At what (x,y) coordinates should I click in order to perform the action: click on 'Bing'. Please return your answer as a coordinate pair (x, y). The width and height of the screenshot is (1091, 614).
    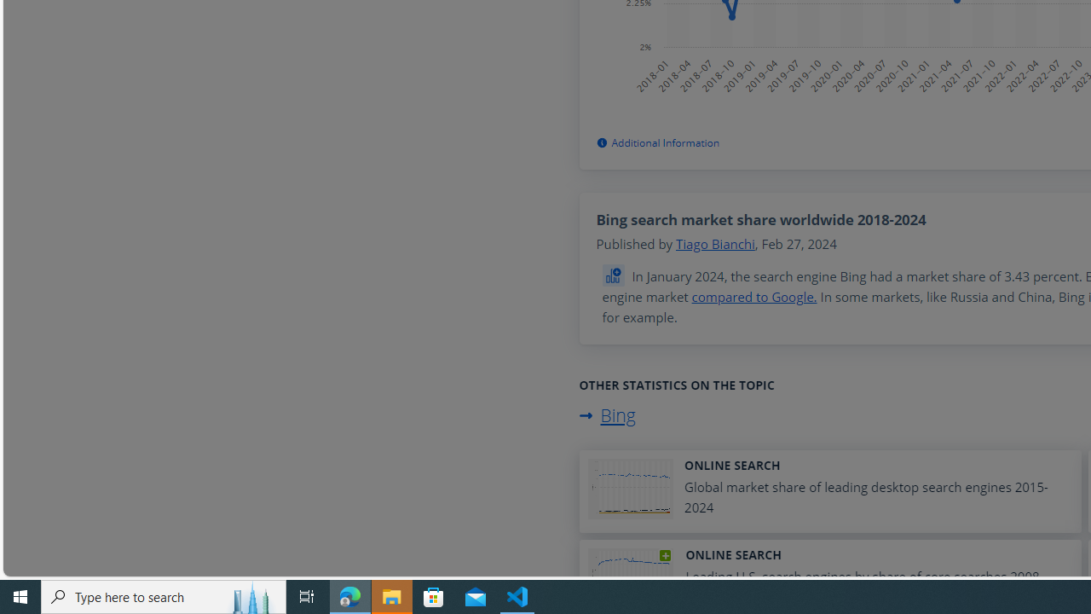
    Looking at the image, I should click on (607, 415).